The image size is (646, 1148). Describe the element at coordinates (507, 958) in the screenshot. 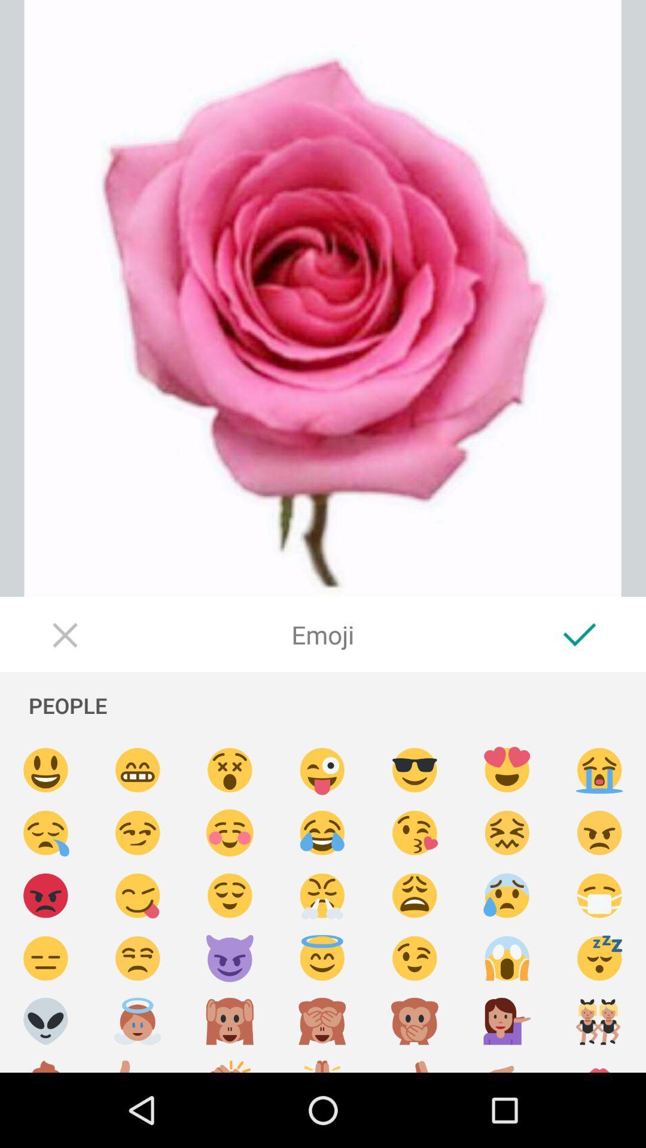

I see `shock` at that location.